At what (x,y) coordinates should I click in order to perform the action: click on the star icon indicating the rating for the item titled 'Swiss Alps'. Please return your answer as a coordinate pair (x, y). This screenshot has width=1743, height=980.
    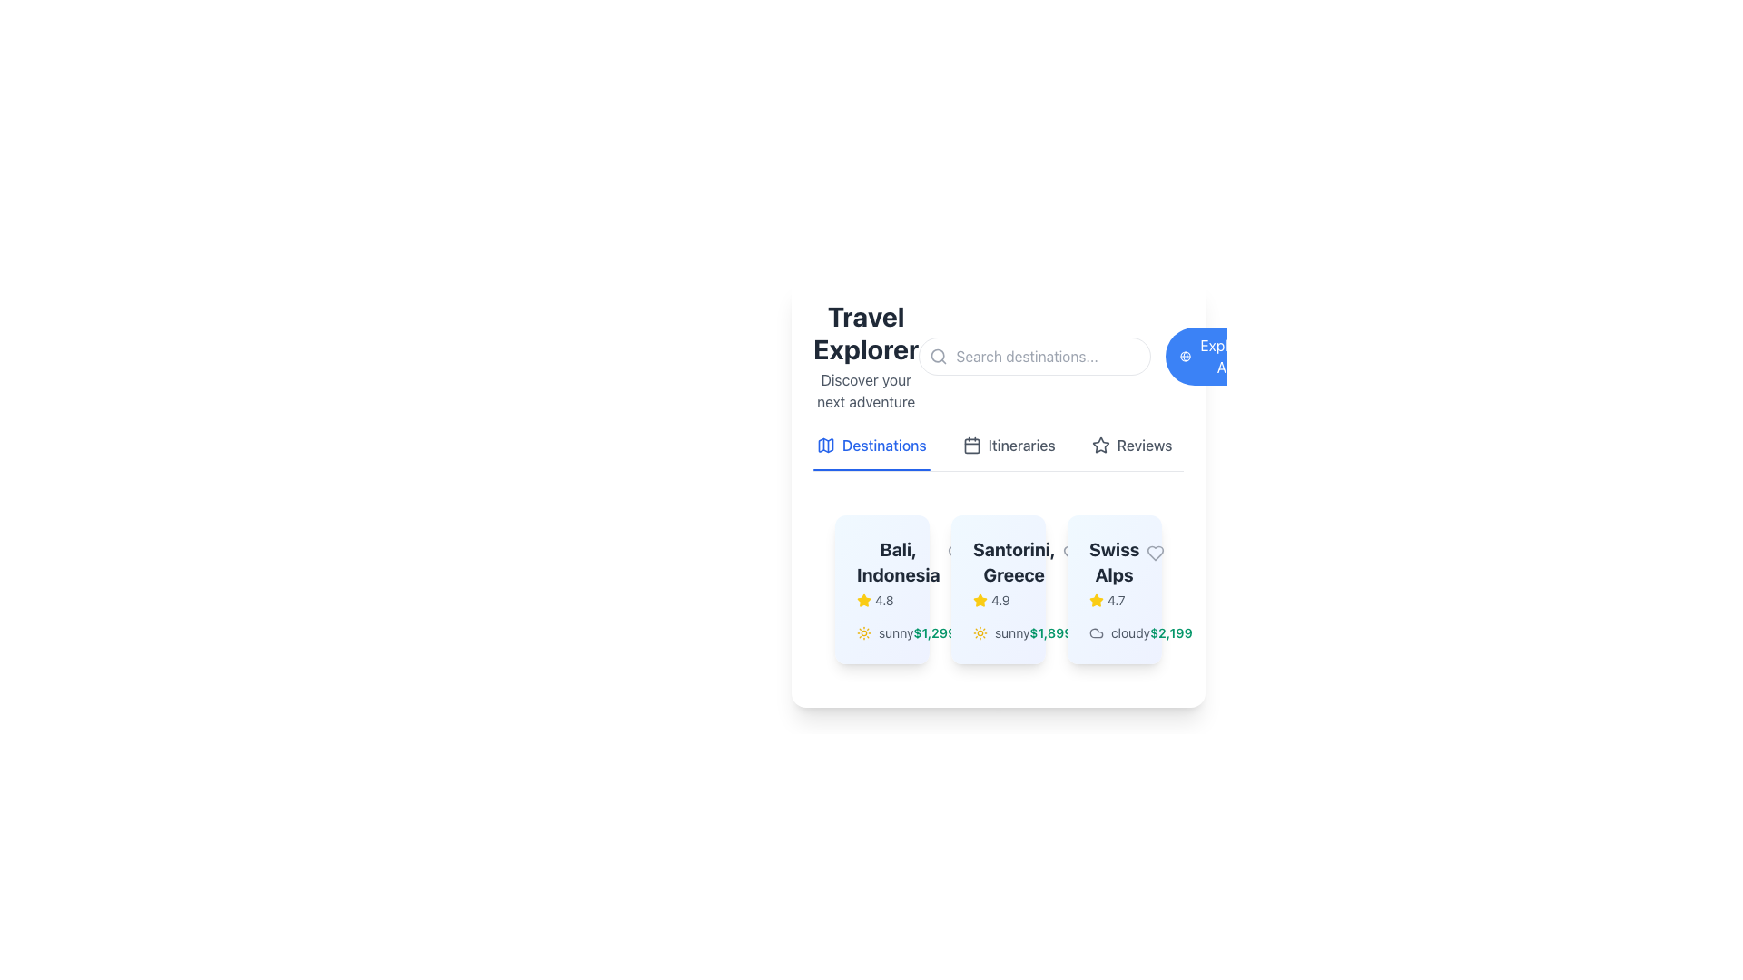
    Looking at the image, I should click on (1099, 445).